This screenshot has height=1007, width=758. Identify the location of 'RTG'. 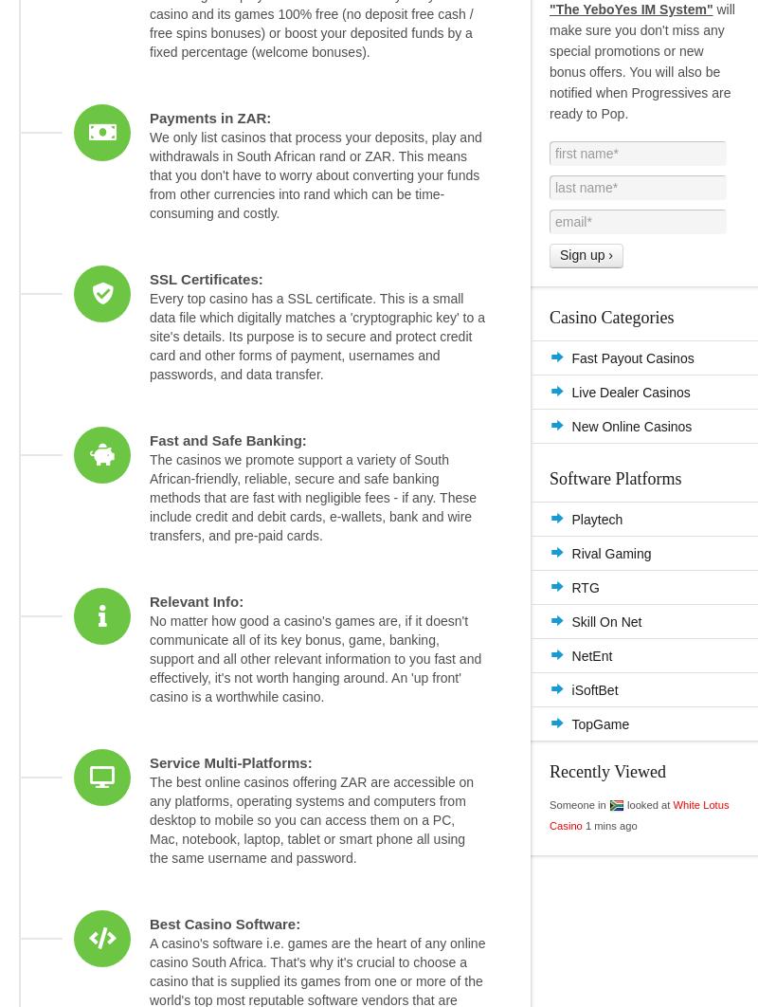
(585, 587).